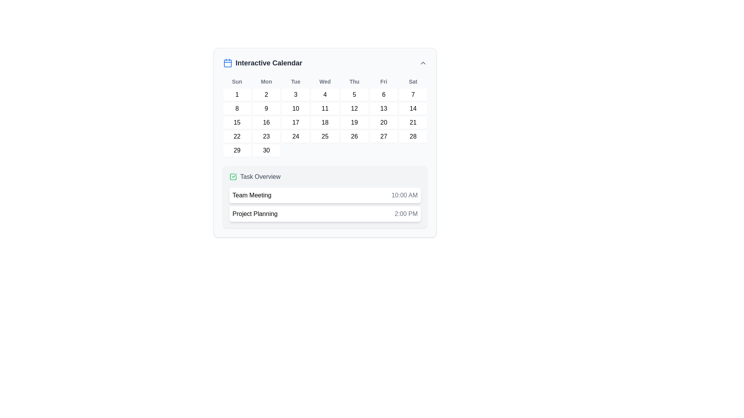 The width and height of the screenshot is (744, 418). Describe the element at coordinates (266, 136) in the screenshot. I see `the button representing the 23rd day of the month in the calendar interface` at that location.